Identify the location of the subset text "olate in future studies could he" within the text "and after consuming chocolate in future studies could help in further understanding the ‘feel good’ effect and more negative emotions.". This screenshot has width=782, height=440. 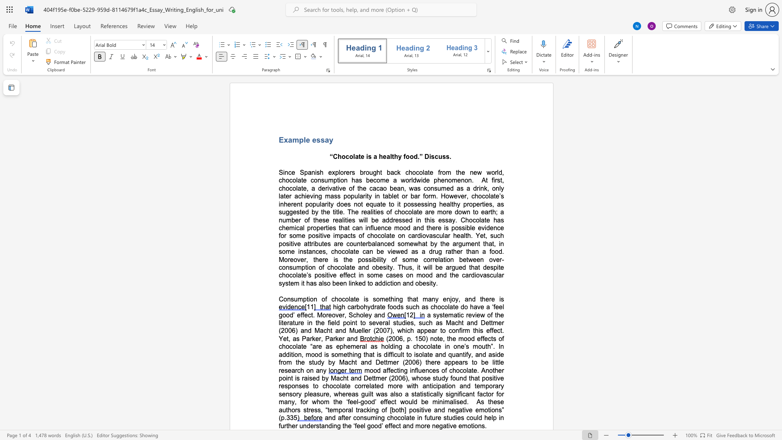
(401, 418).